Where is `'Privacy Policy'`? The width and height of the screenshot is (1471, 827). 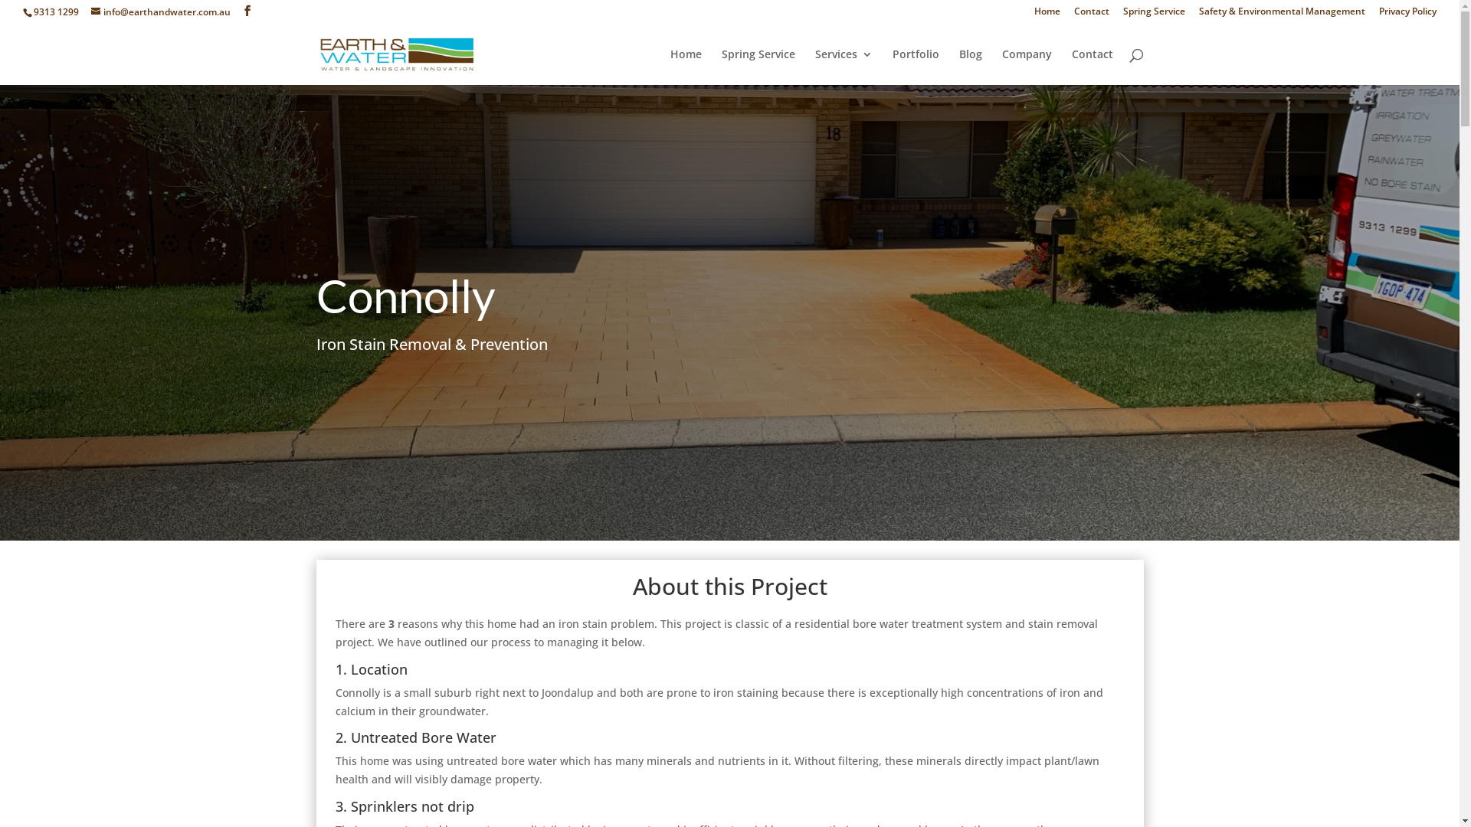
'Privacy Policy' is located at coordinates (1407, 15).